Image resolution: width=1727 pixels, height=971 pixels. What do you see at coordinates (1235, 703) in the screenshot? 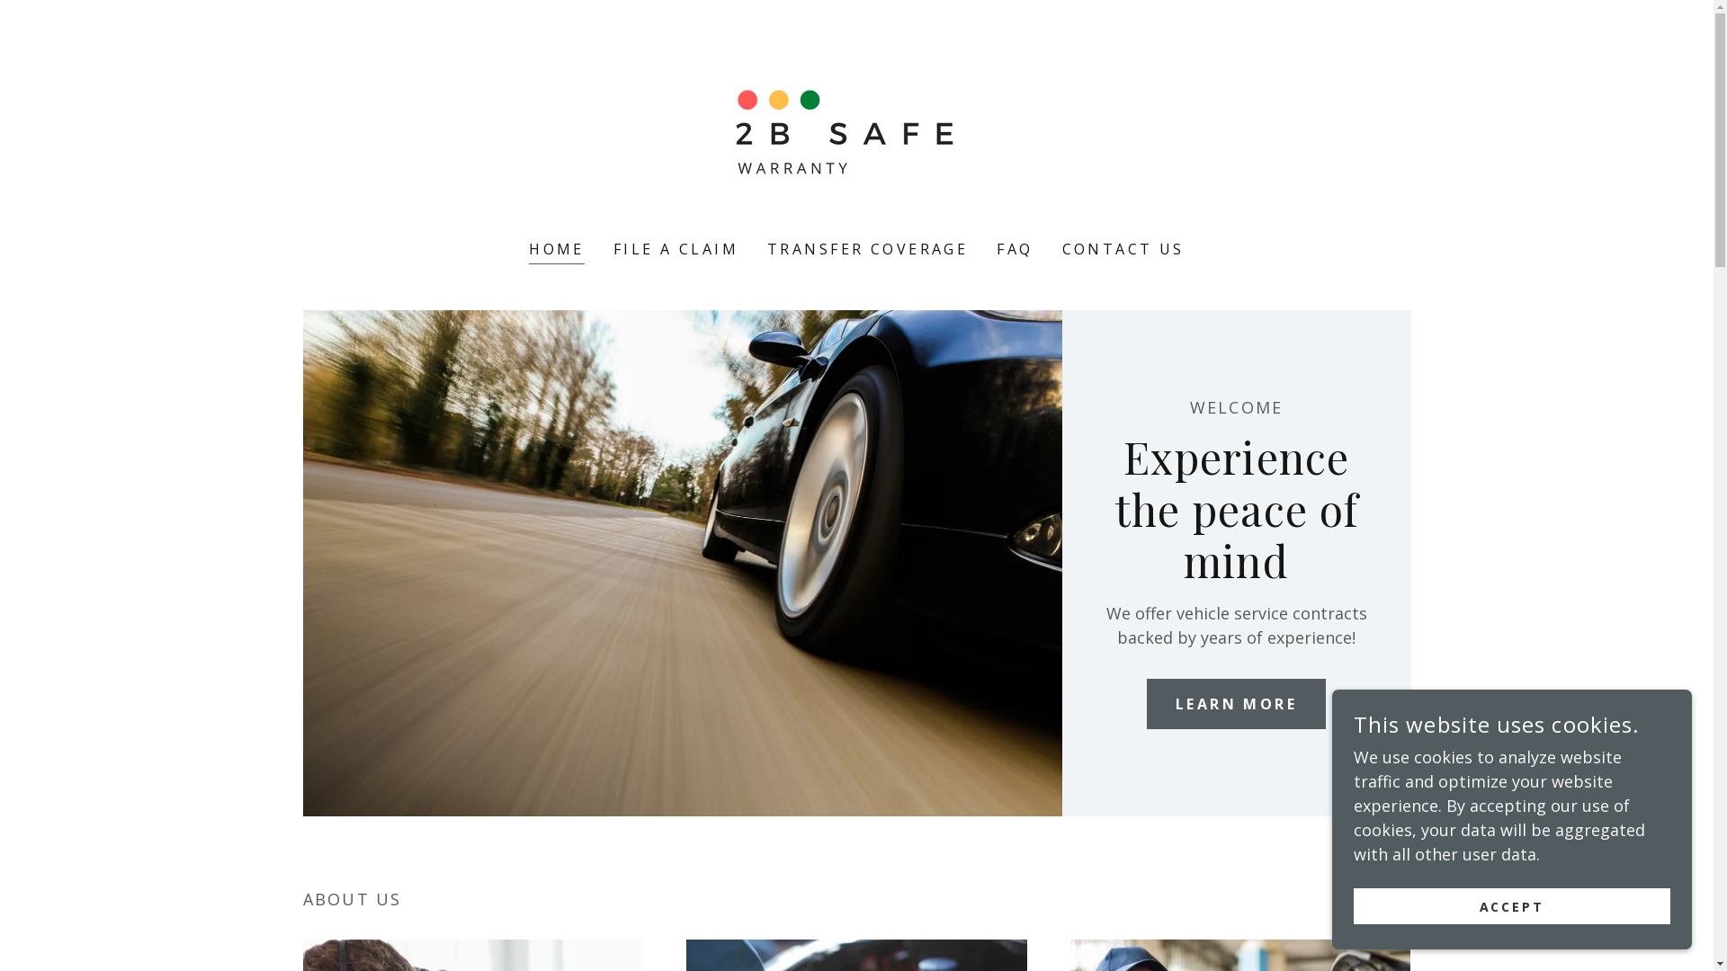
I see `'LEARN MORE'` at bounding box center [1235, 703].